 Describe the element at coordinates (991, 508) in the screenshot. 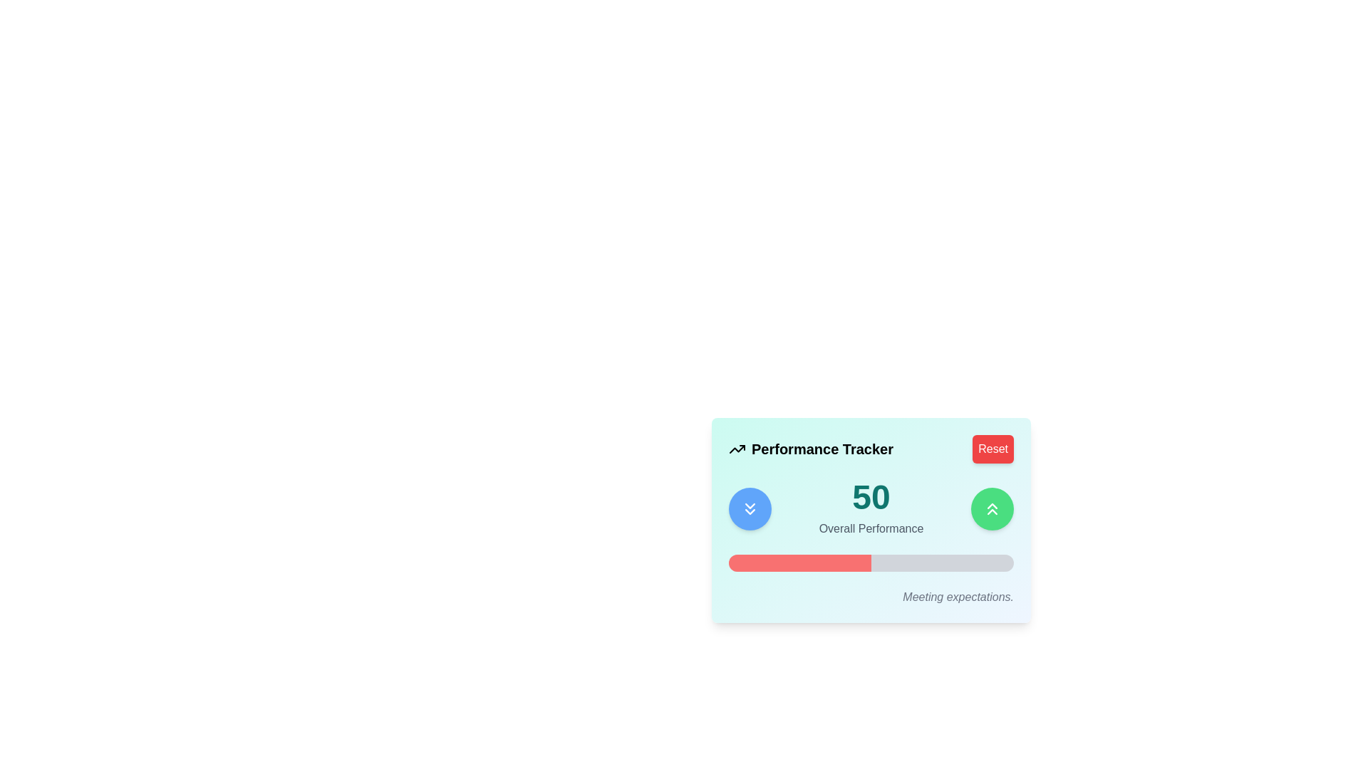

I see `the increment button located at the bottom-right corner of the performance tracker` at that location.